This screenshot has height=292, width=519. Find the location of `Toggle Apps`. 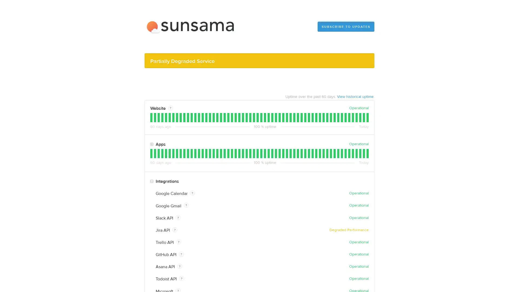

Toggle Apps is located at coordinates (151, 144).